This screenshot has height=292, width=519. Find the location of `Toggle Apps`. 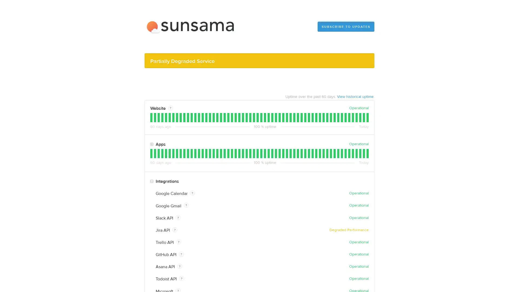

Toggle Apps is located at coordinates (151, 144).